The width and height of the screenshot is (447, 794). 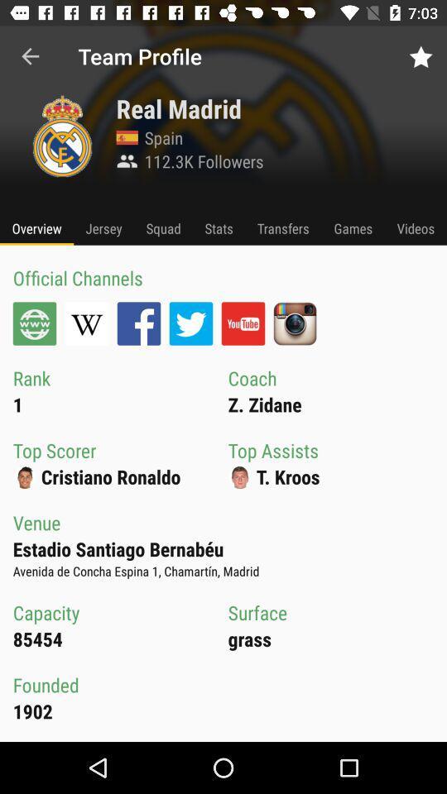 What do you see at coordinates (190, 323) in the screenshot?
I see `upload your official channels` at bounding box center [190, 323].